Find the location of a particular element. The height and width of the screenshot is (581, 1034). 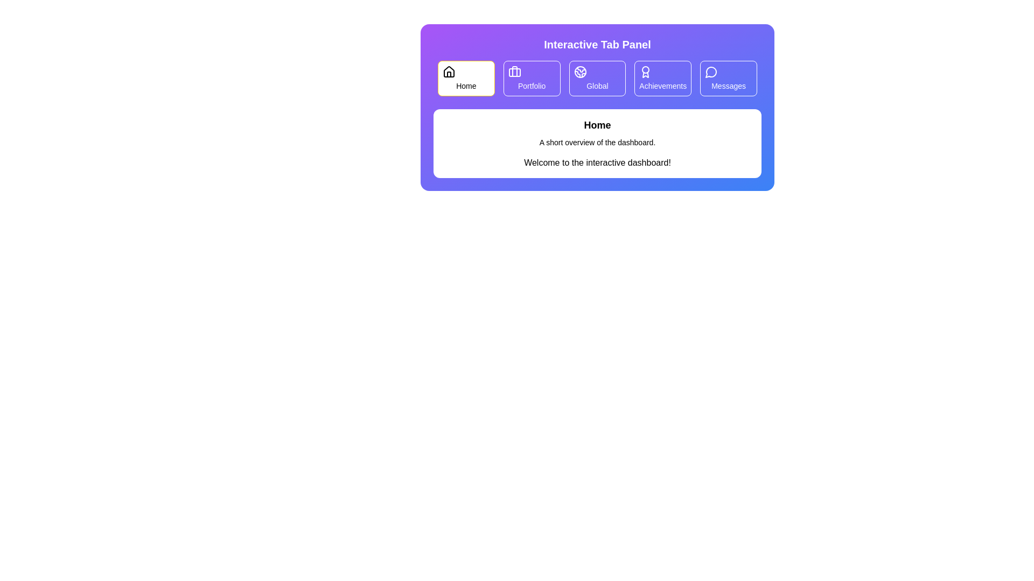

the 'Global' tab in the navigation bar is located at coordinates (597, 78).